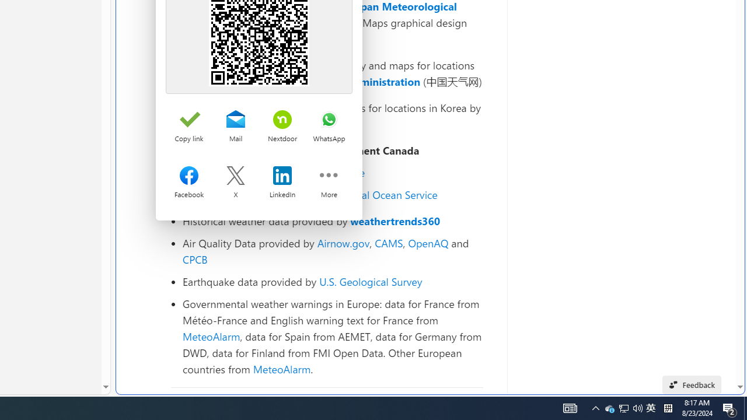 This screenshot has height=420, width=747. Describe the element at coordinates (282, 177) in the screenshot. I see `'Share on LinkedIn'` at that location.